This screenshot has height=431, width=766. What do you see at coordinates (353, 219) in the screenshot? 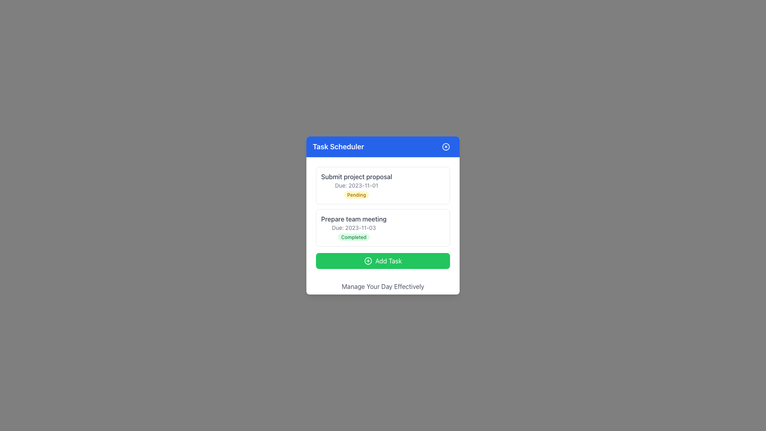
I see `the task title element displaying 'Prepare team meeting' in the task scheduler interface, which is positioned above the due date and status tag` at bounding box center [353, 219].